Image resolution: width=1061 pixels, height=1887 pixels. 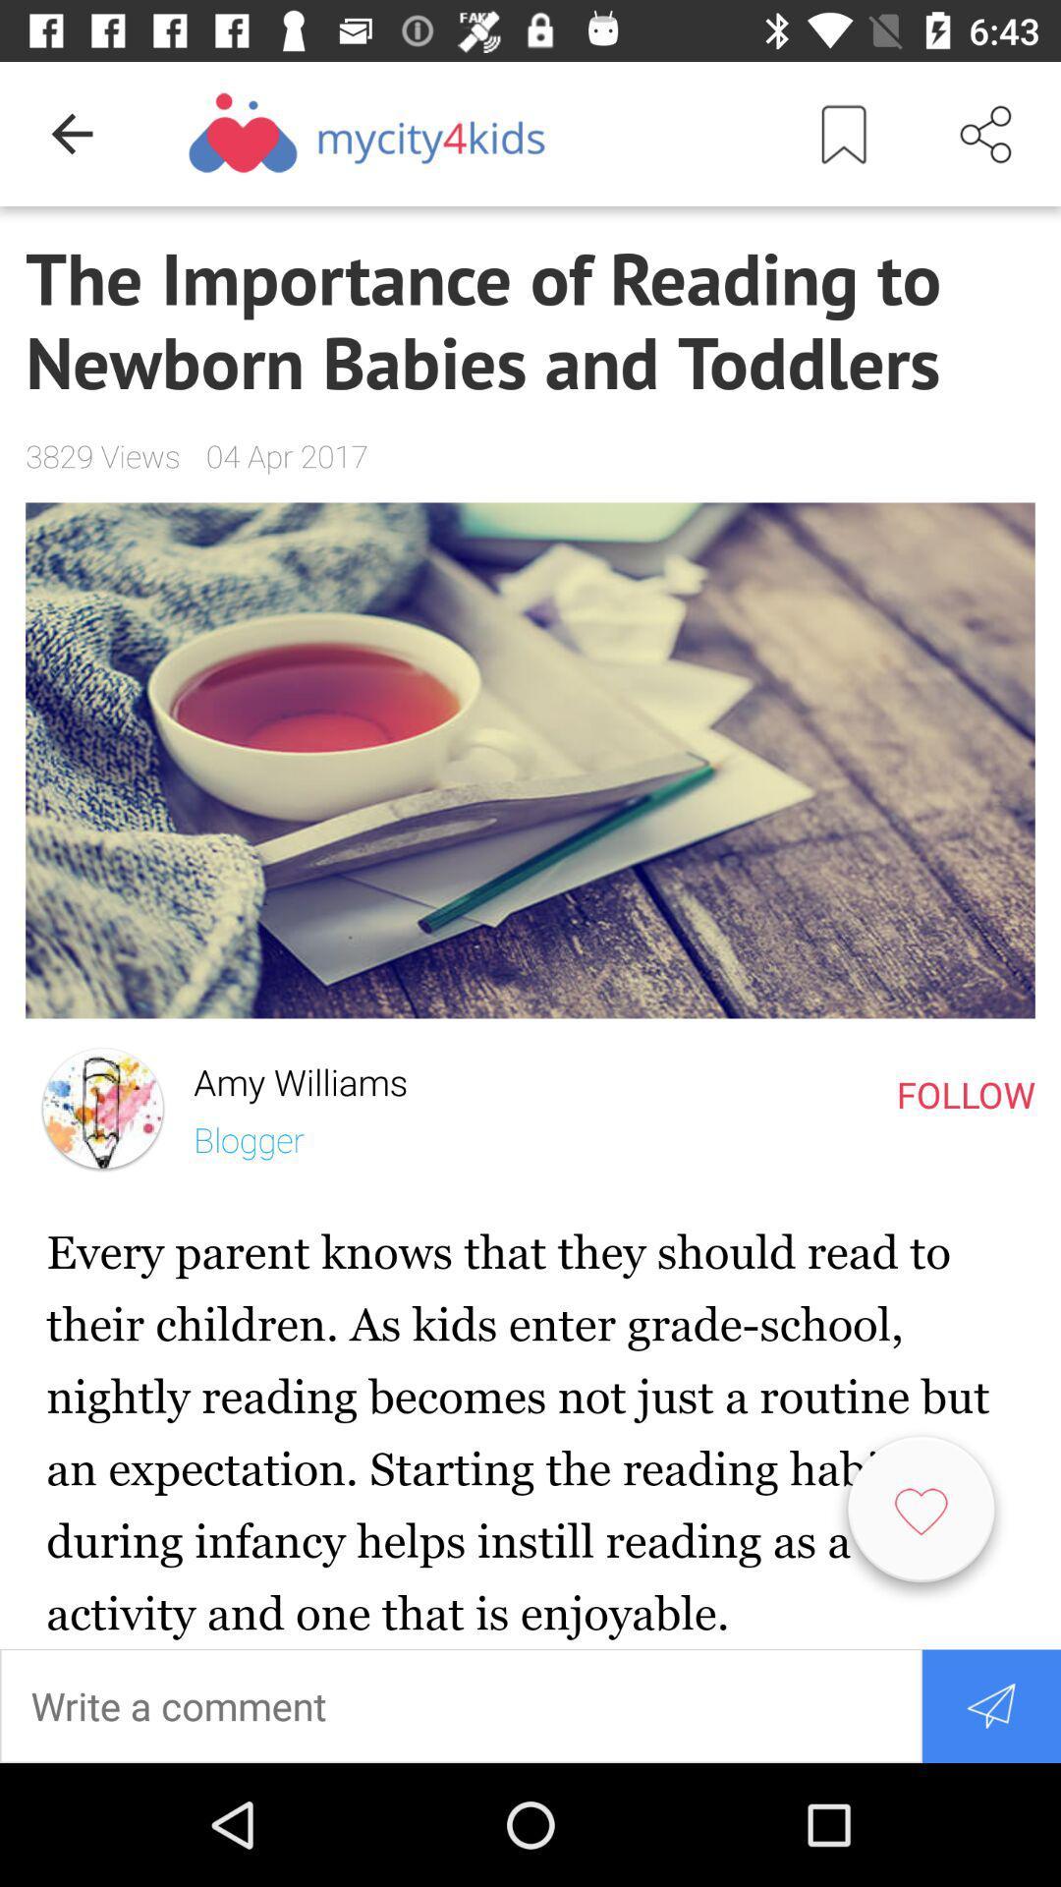 What do you see at coordinates (461, 1704) in the screenshot?
I see `comment` at bounding box center [461, 1704].